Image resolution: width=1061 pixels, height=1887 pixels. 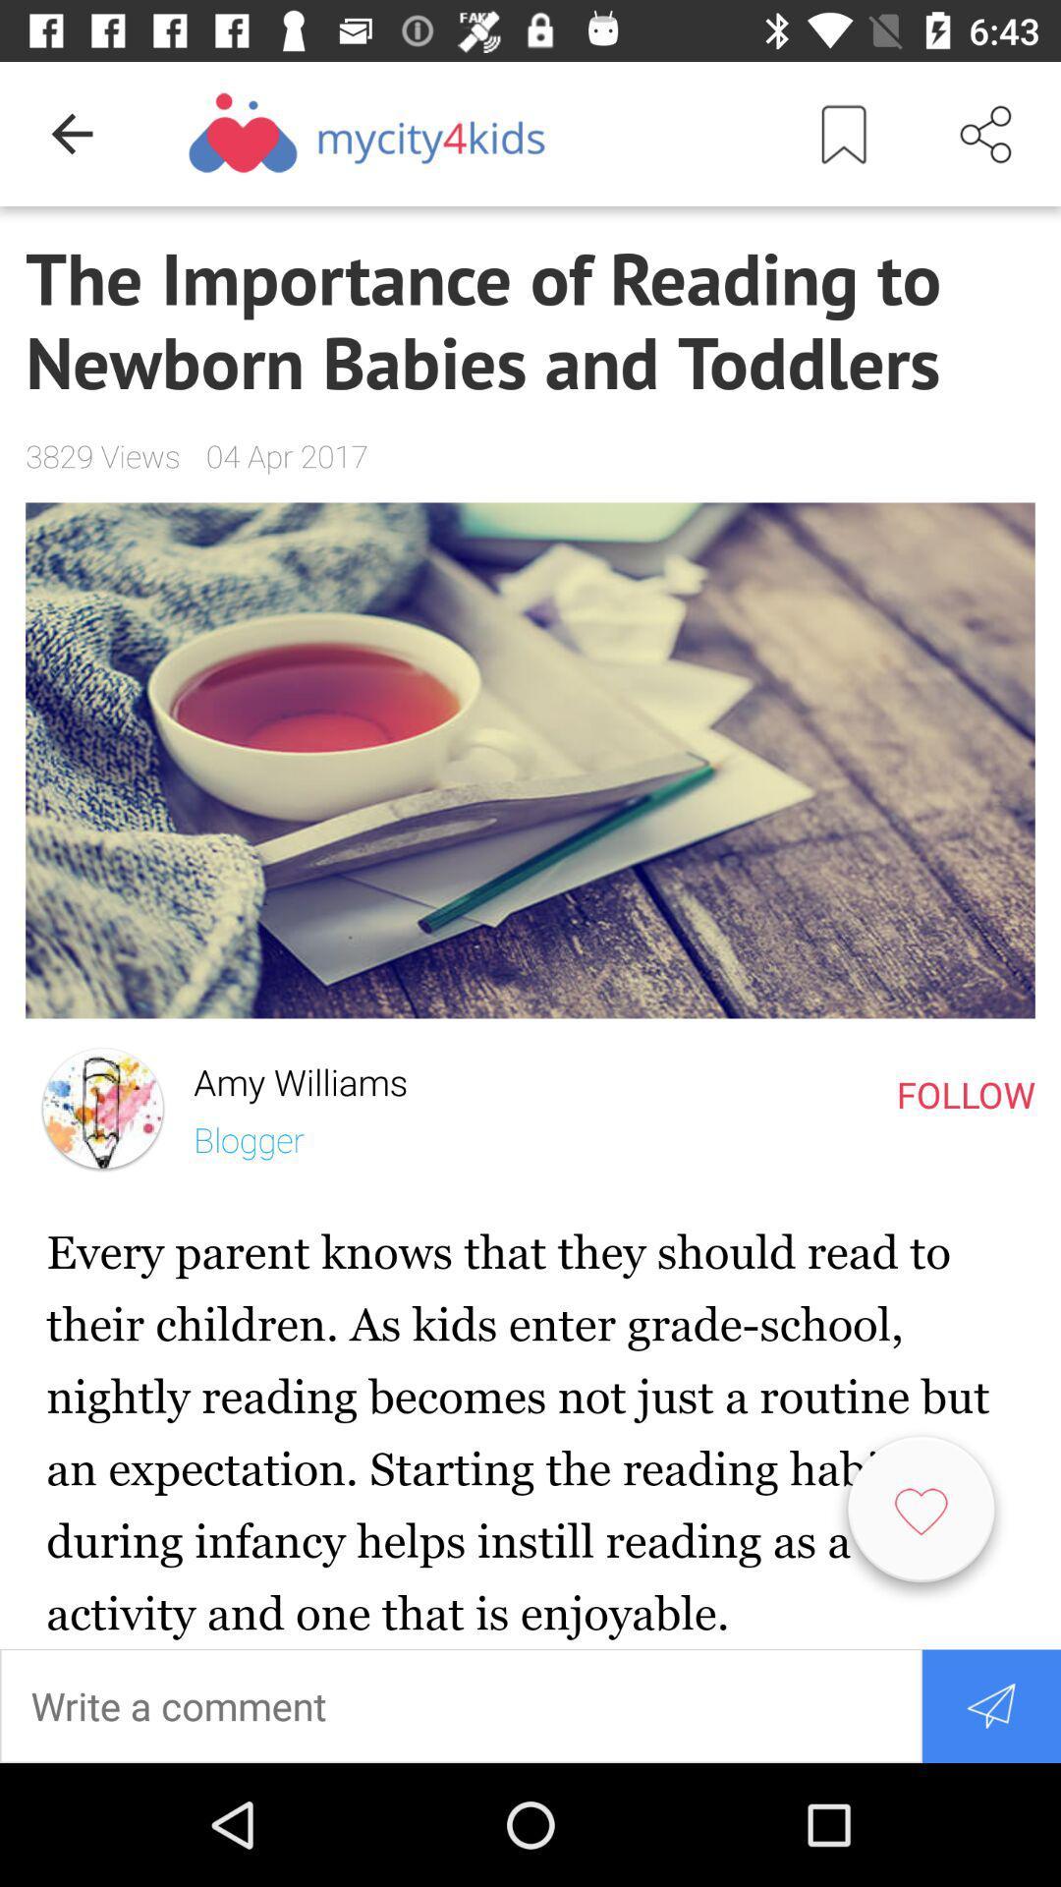 What do you see at coordinates (461, 1704) in the screenshot?
I see `comment` at bounding box center [461, 1704].